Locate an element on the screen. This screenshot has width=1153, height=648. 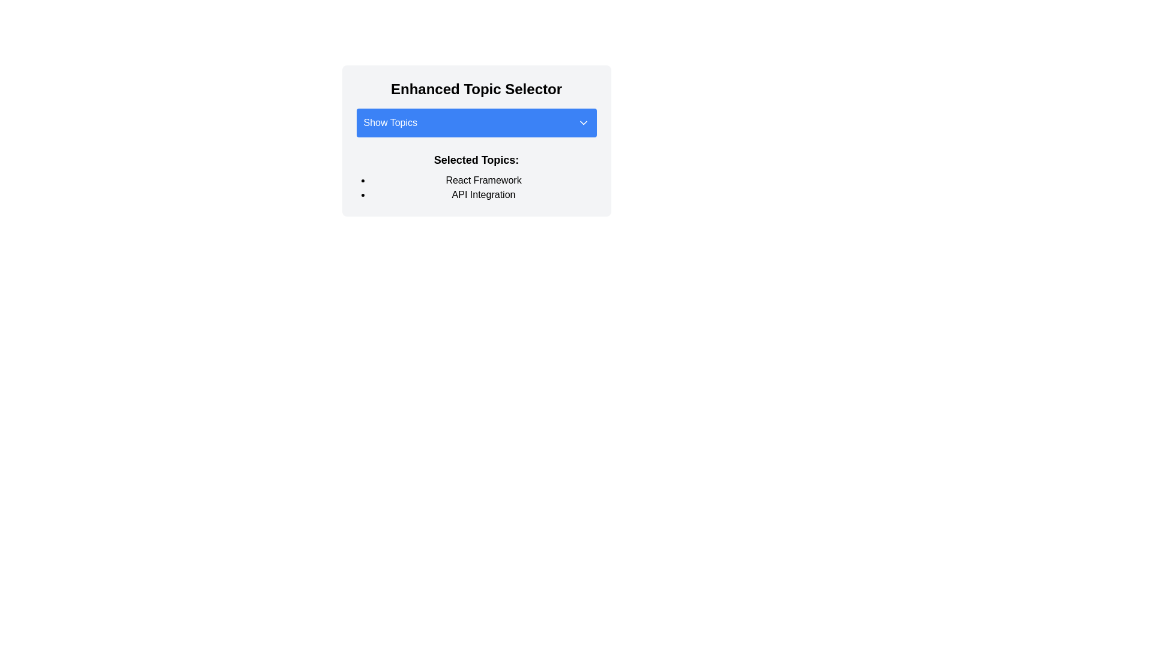
the 'Selected Topics:' list is located at coordinates (476, 187).